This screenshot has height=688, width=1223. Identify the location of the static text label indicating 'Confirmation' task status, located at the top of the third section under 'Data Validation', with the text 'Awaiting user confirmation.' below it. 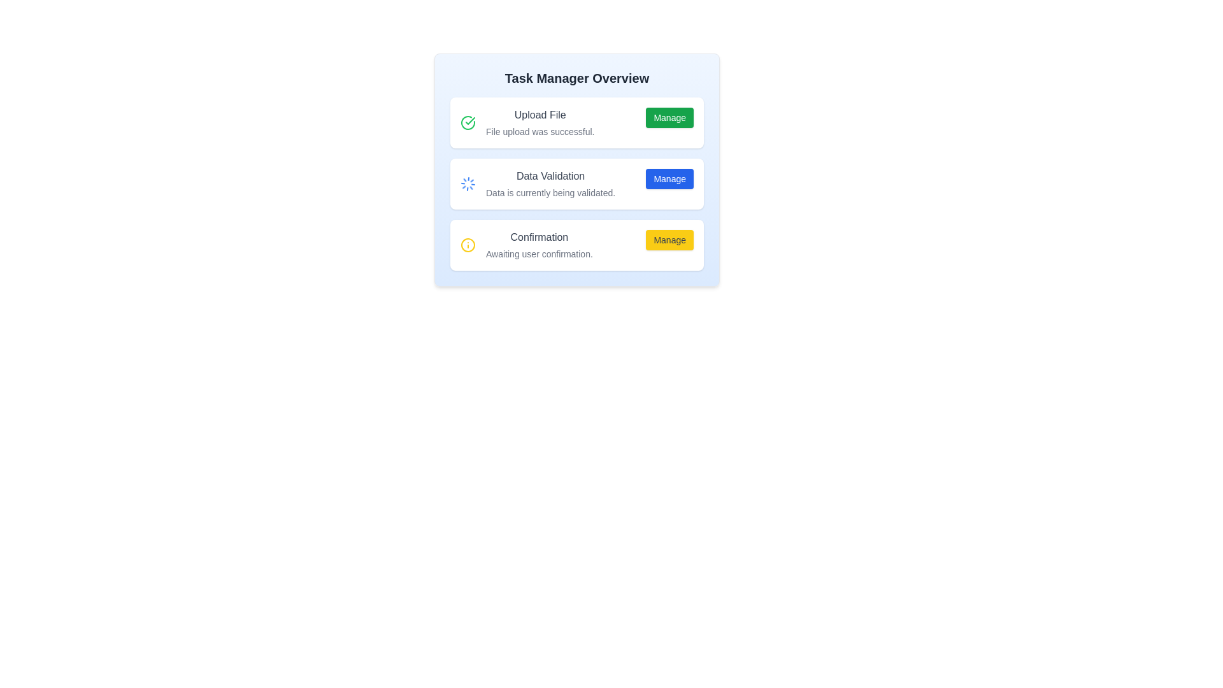
(539, 238).